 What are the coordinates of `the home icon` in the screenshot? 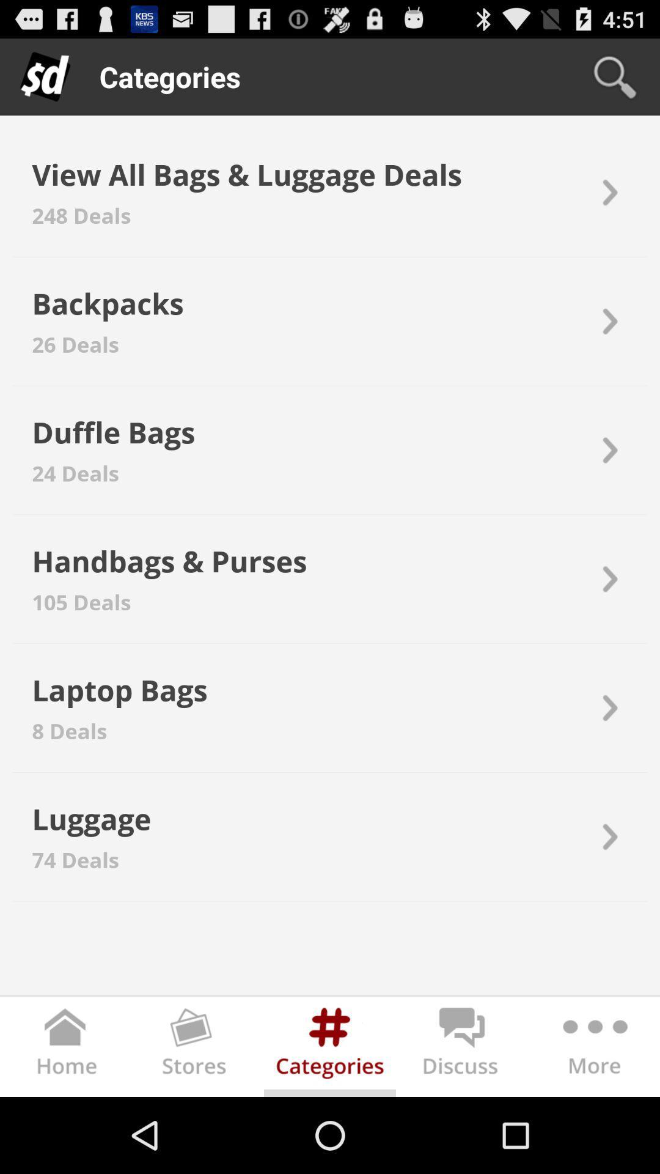 It's located at (66, 1123).